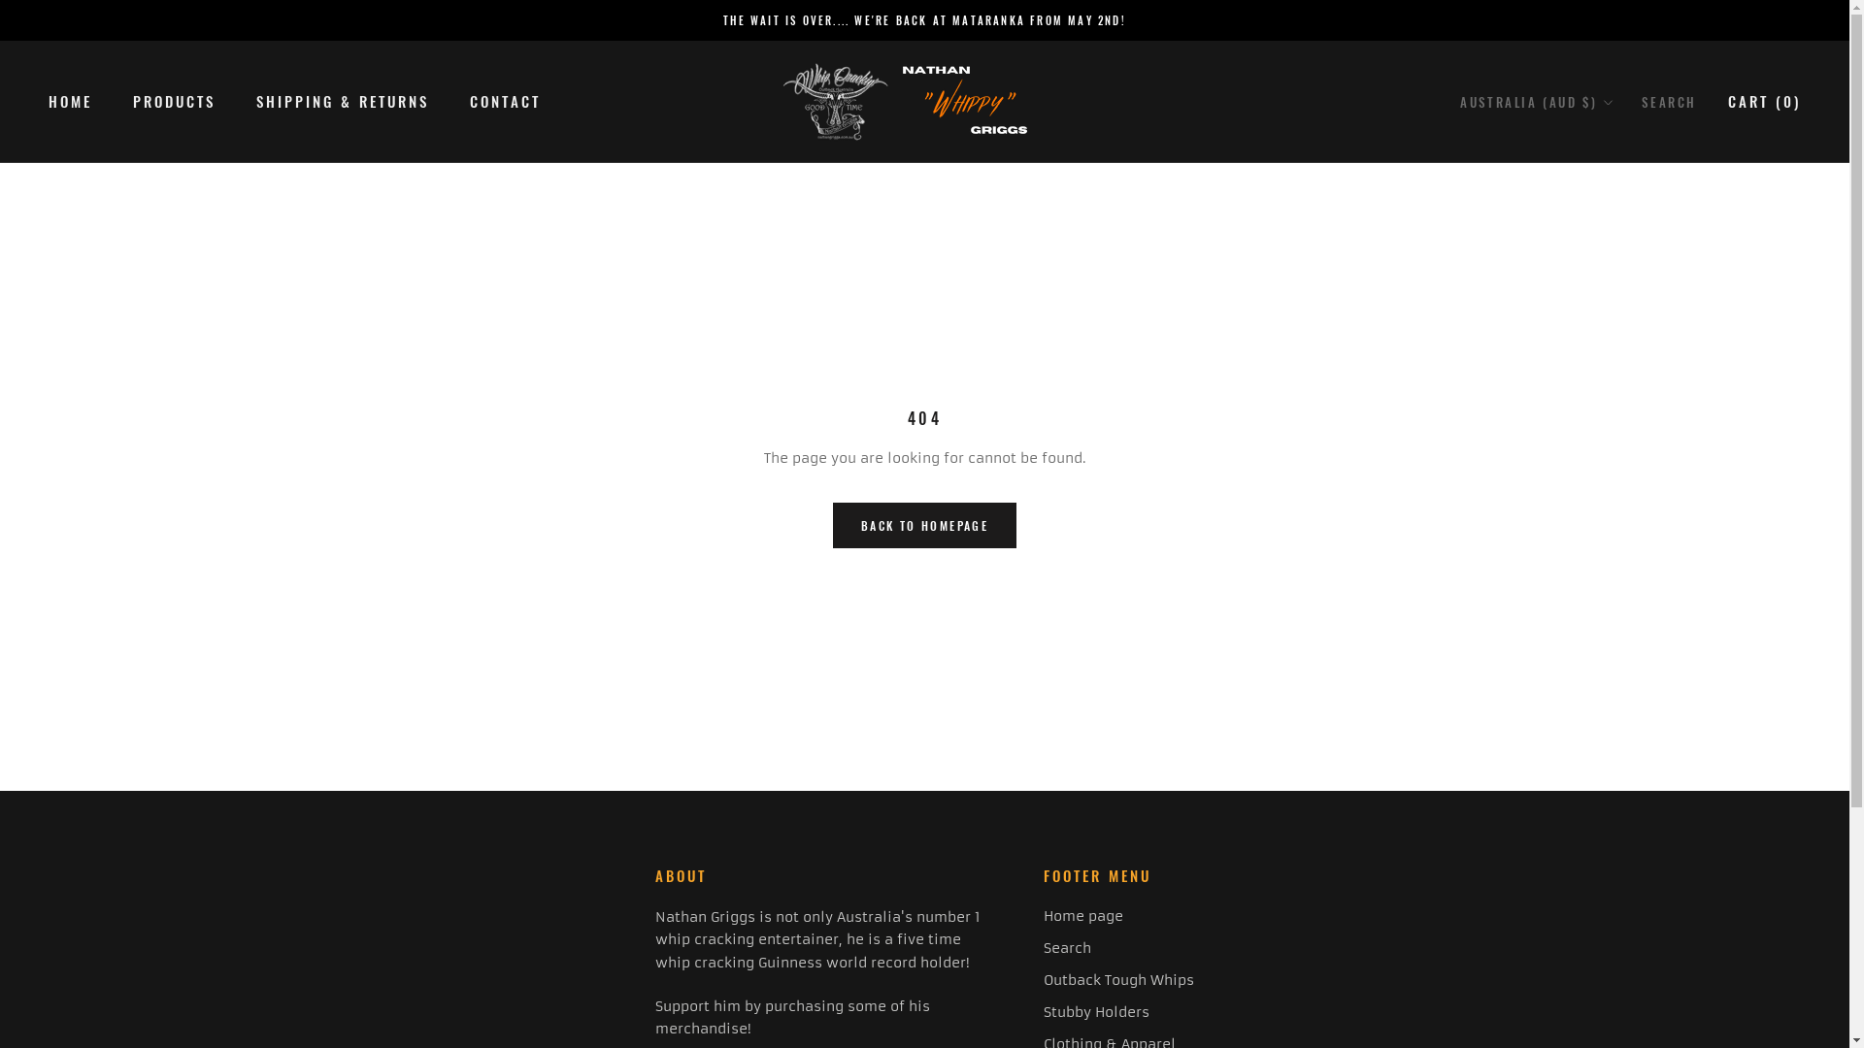 The width and height of the screenshot is (1864, 1048). I want to click on 'Outback Tough Whips', so click(1043, 980).